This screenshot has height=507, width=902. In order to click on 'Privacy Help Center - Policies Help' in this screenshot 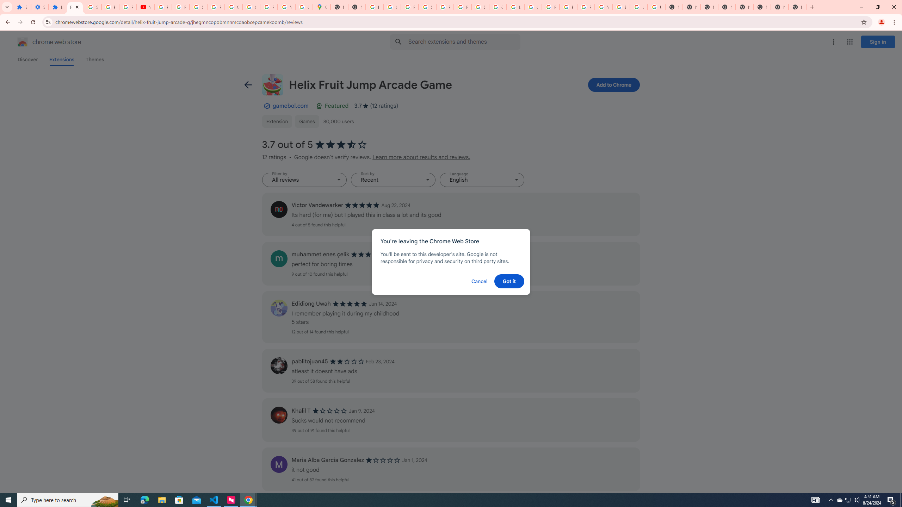, I will do `click(550, 7)`.